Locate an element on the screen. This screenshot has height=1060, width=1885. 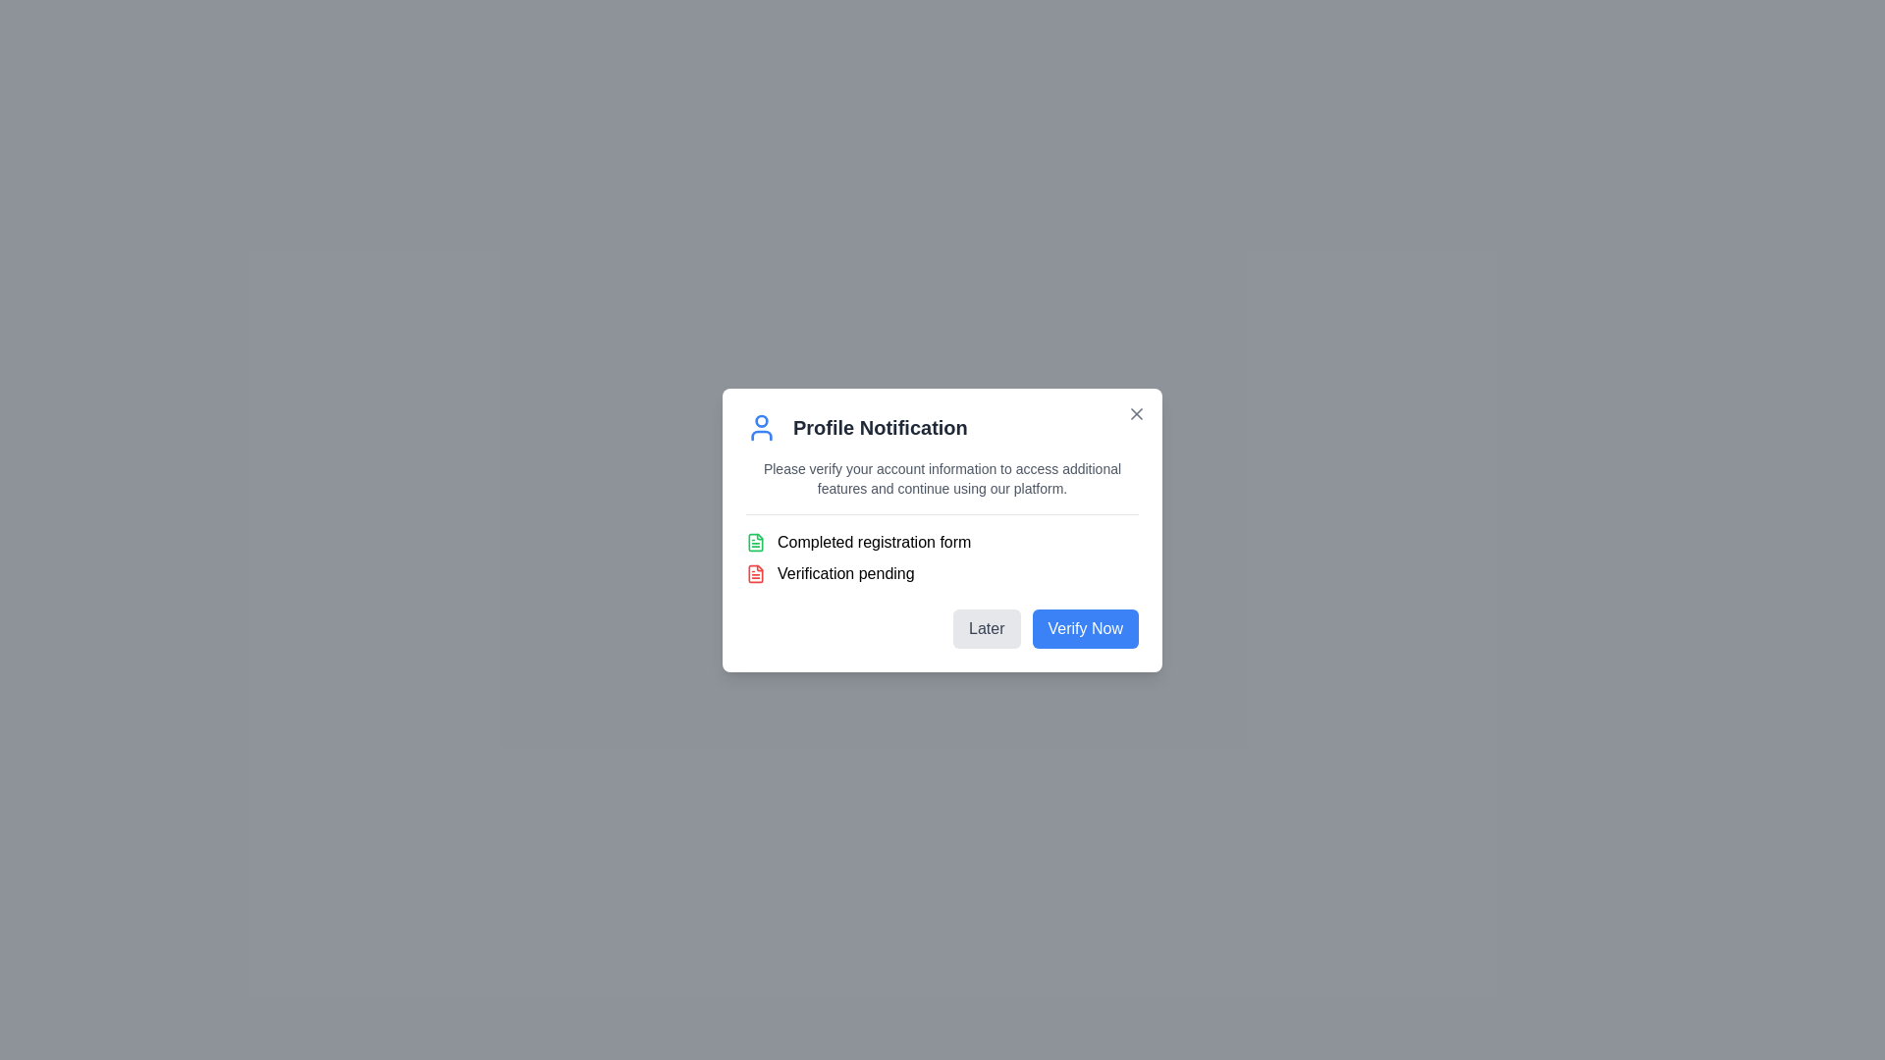
the circular shape with a blue border located at the top section of the avatar icon in the notification header is located at coordinates (761, 419).